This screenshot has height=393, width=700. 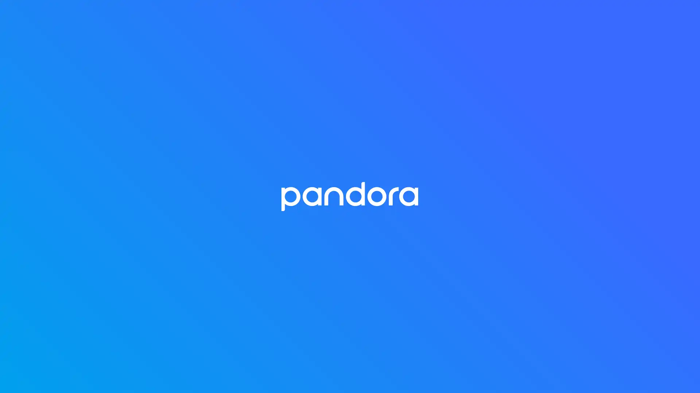 I want to click on Log In, so click(x=350, y=161).